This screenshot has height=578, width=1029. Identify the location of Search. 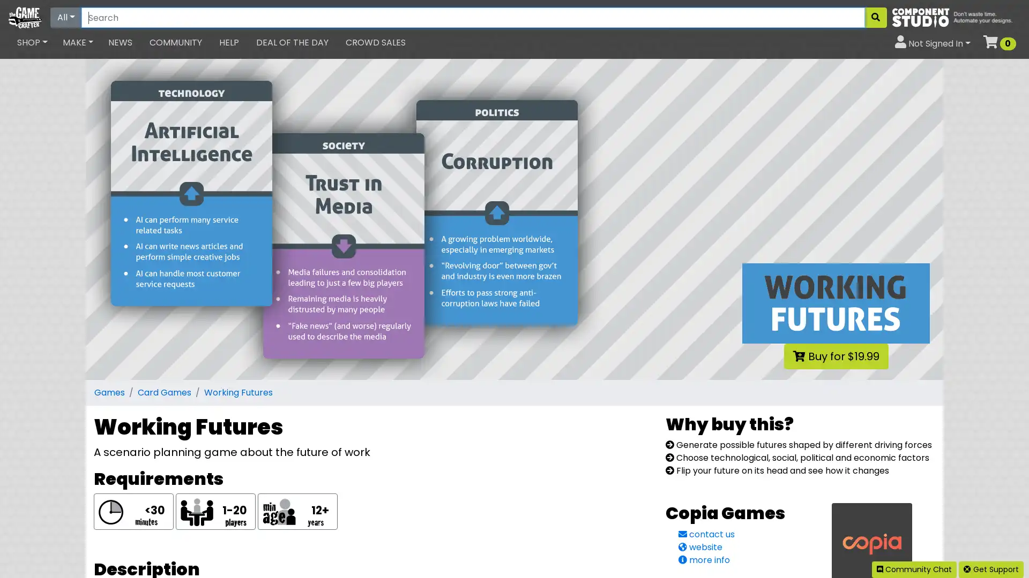
(875, 18).